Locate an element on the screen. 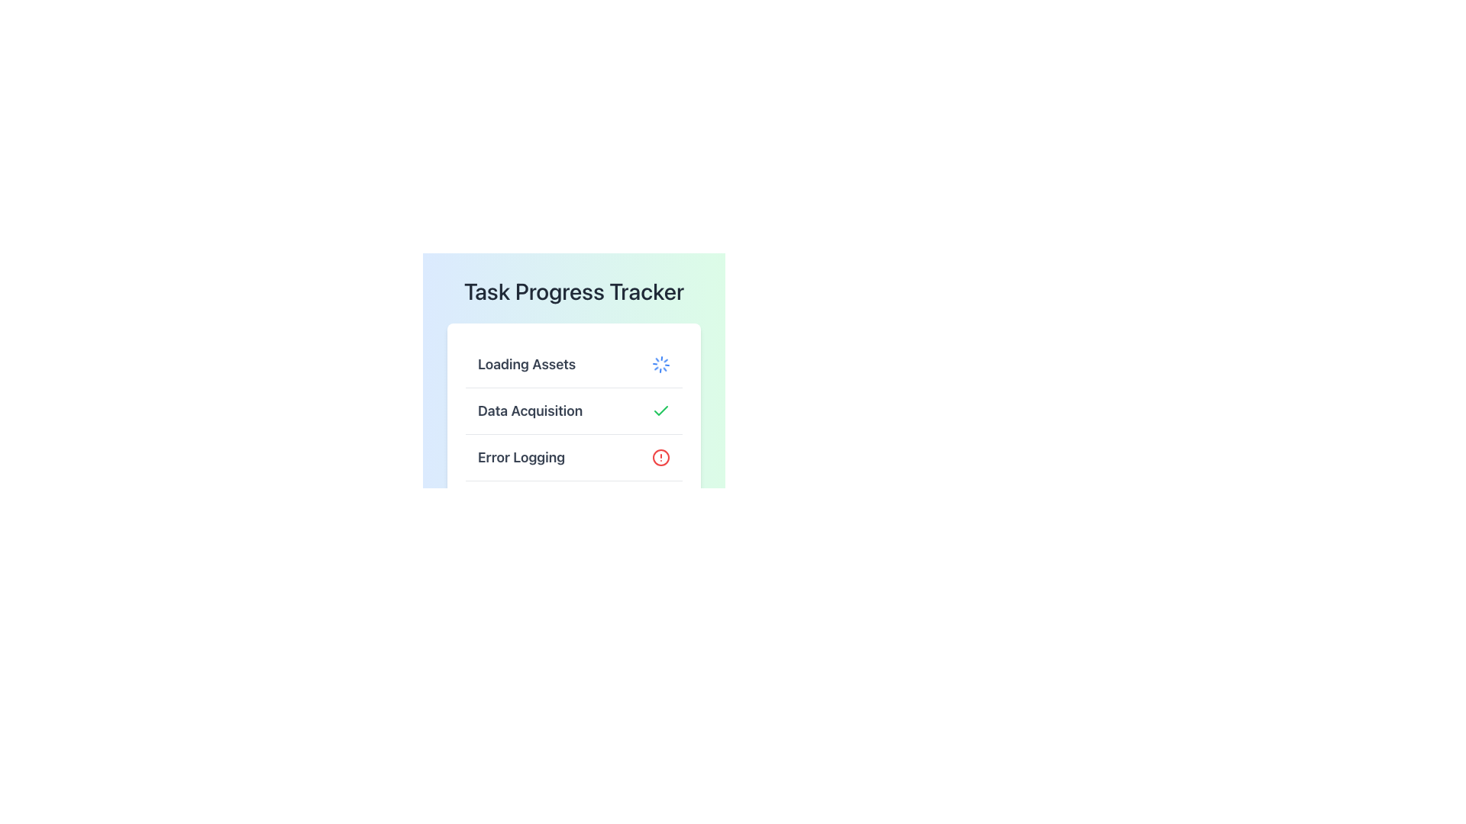  the red circular SVG element indicating 'Error Logging' in the task progress tracker interface is located at coordinates (660, 457).